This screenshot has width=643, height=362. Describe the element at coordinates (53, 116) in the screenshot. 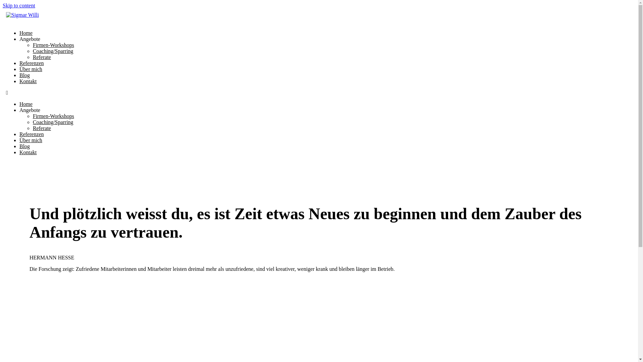

I see `'Firmen-Workshops'` at that location.